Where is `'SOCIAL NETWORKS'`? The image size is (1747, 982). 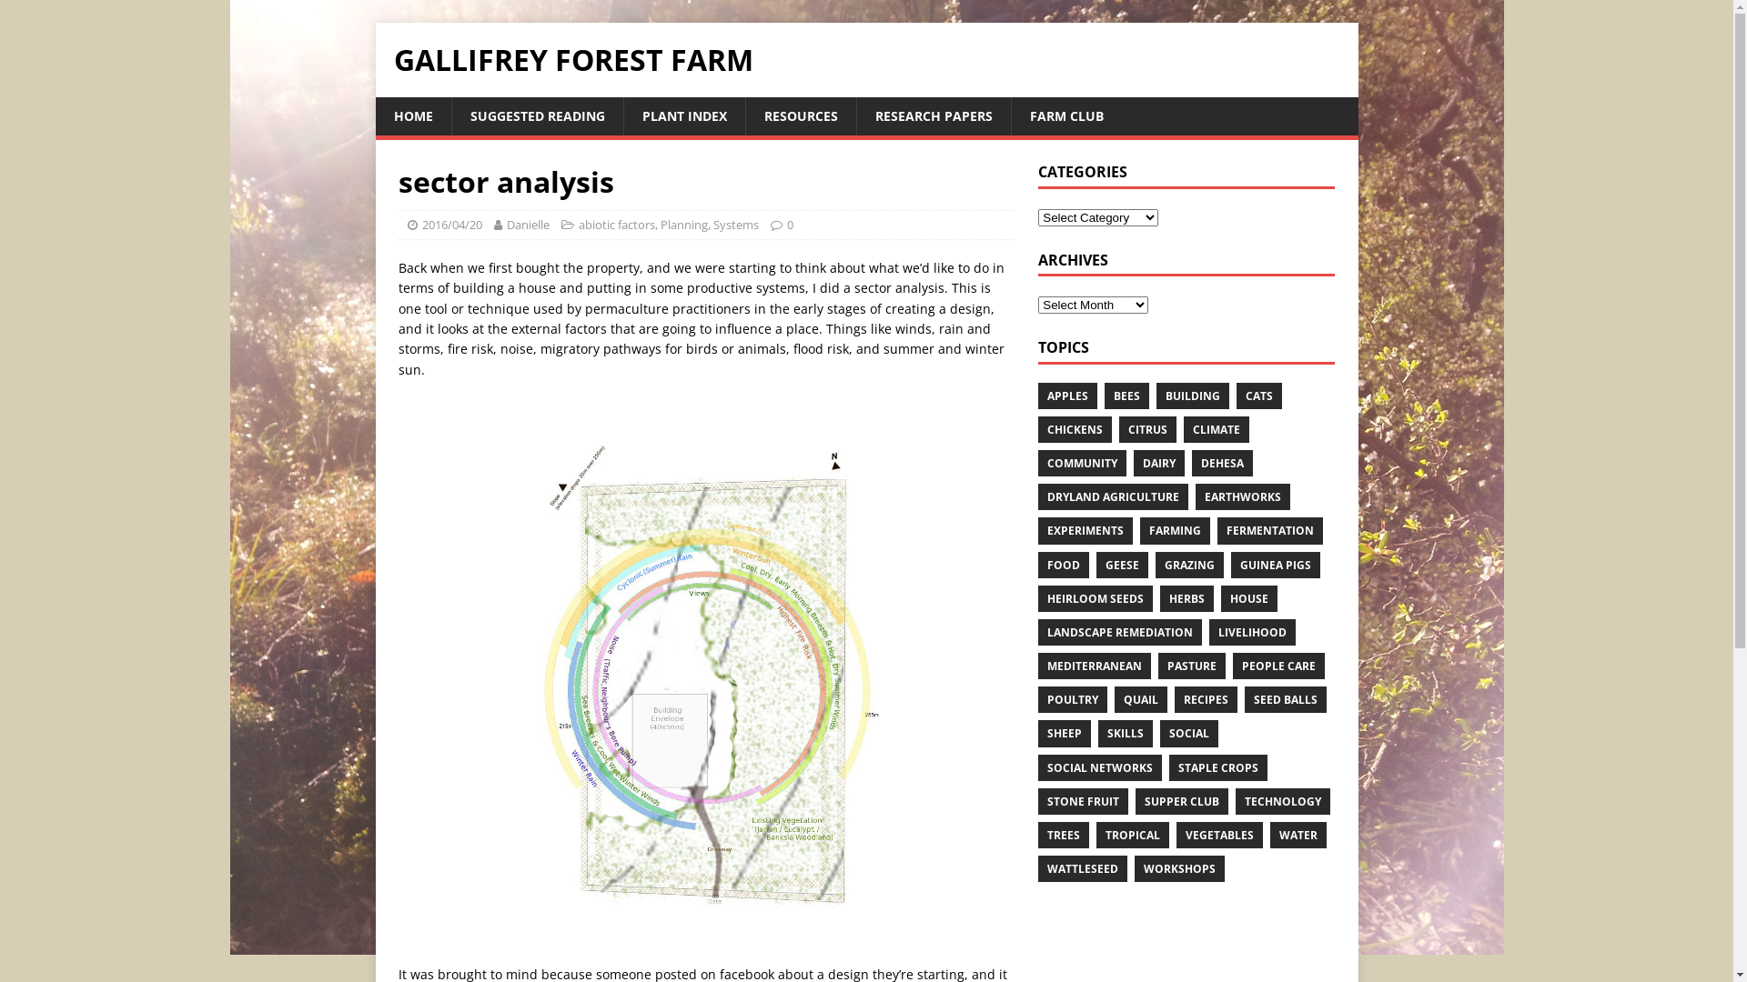 'SOCIAL NETWORKS' is located at coordinates (1099, 767).